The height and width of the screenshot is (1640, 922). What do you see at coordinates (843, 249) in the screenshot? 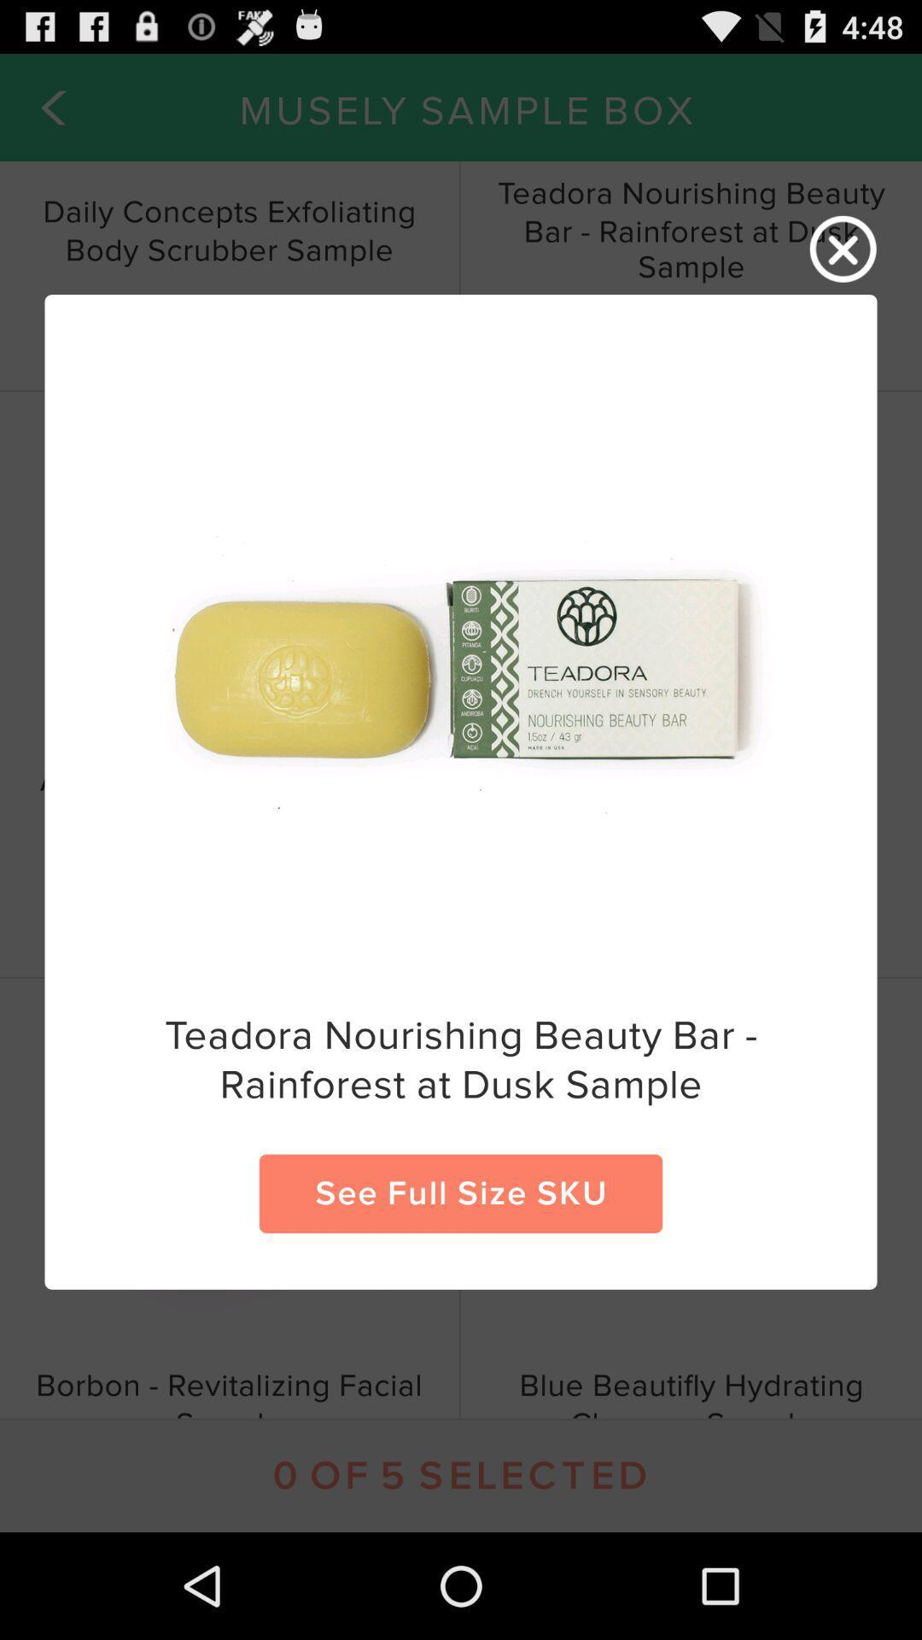
I see `close` at bounding box center [843, 249].